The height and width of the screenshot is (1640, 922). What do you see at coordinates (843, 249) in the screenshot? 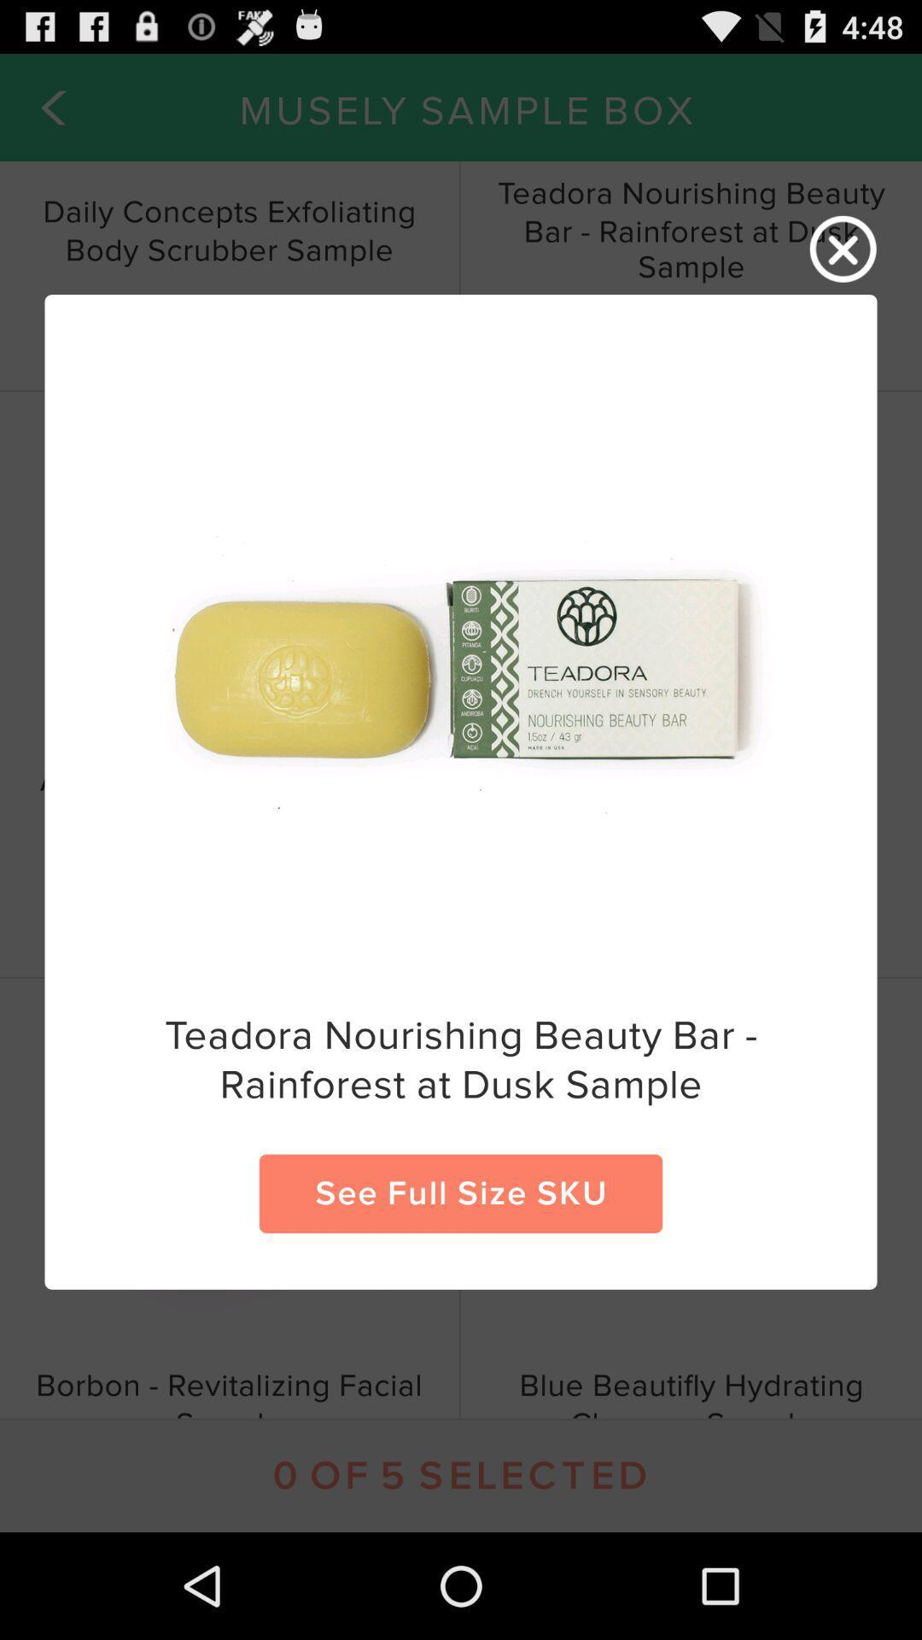
I see `close` at bounding box center [843, 249].